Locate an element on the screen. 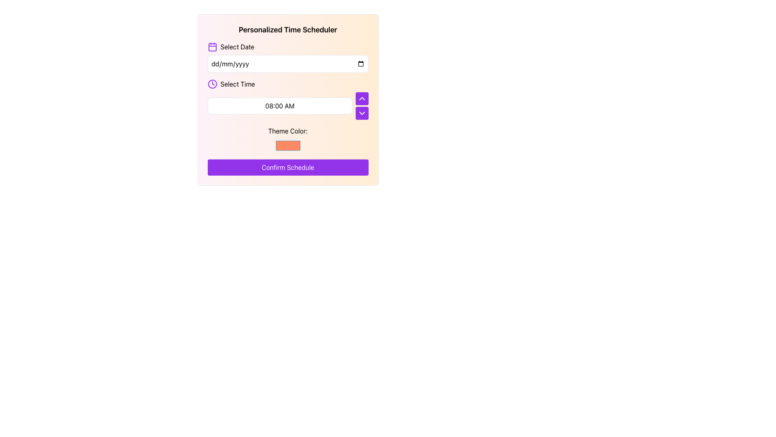 The width and height of the screenshot is (776, 437). the 'Confirm Schedule' button with a purple background and white text is located at coordinates (288, 167).